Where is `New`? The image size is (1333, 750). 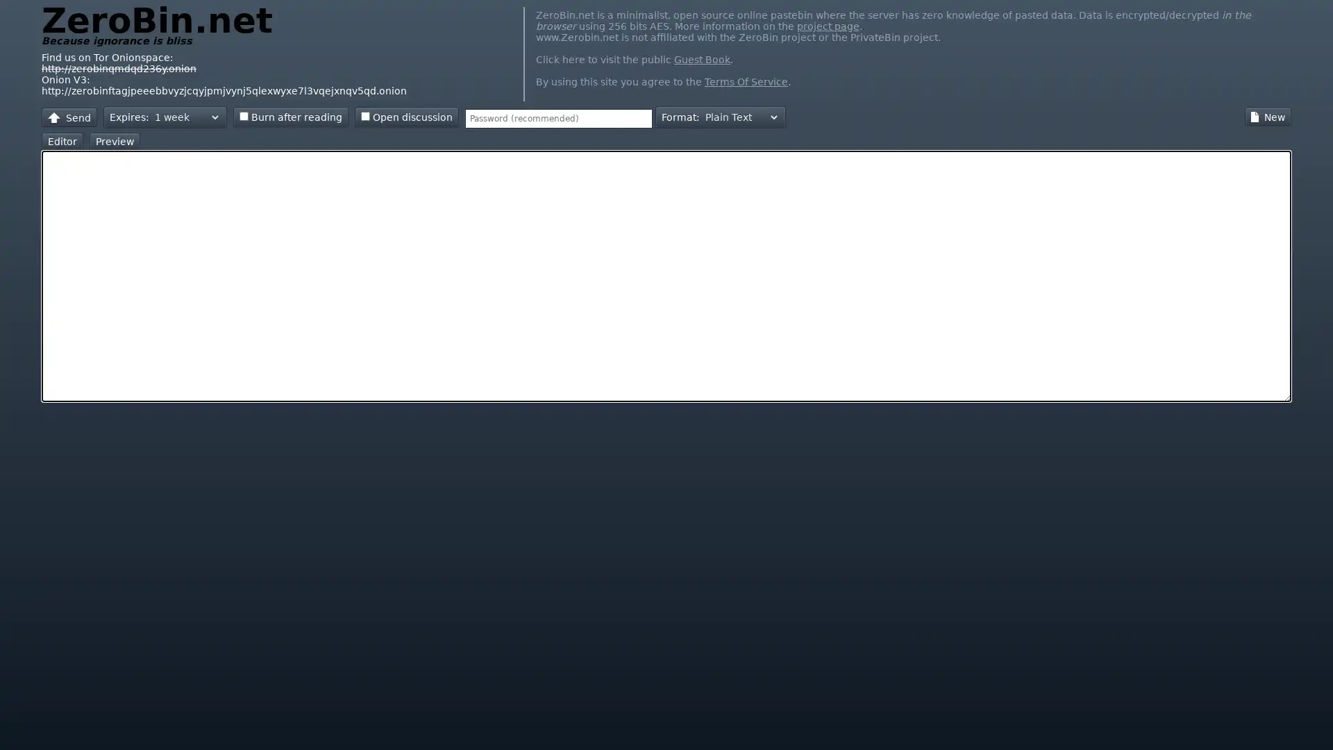 New is located at coordinates (1268, 116).